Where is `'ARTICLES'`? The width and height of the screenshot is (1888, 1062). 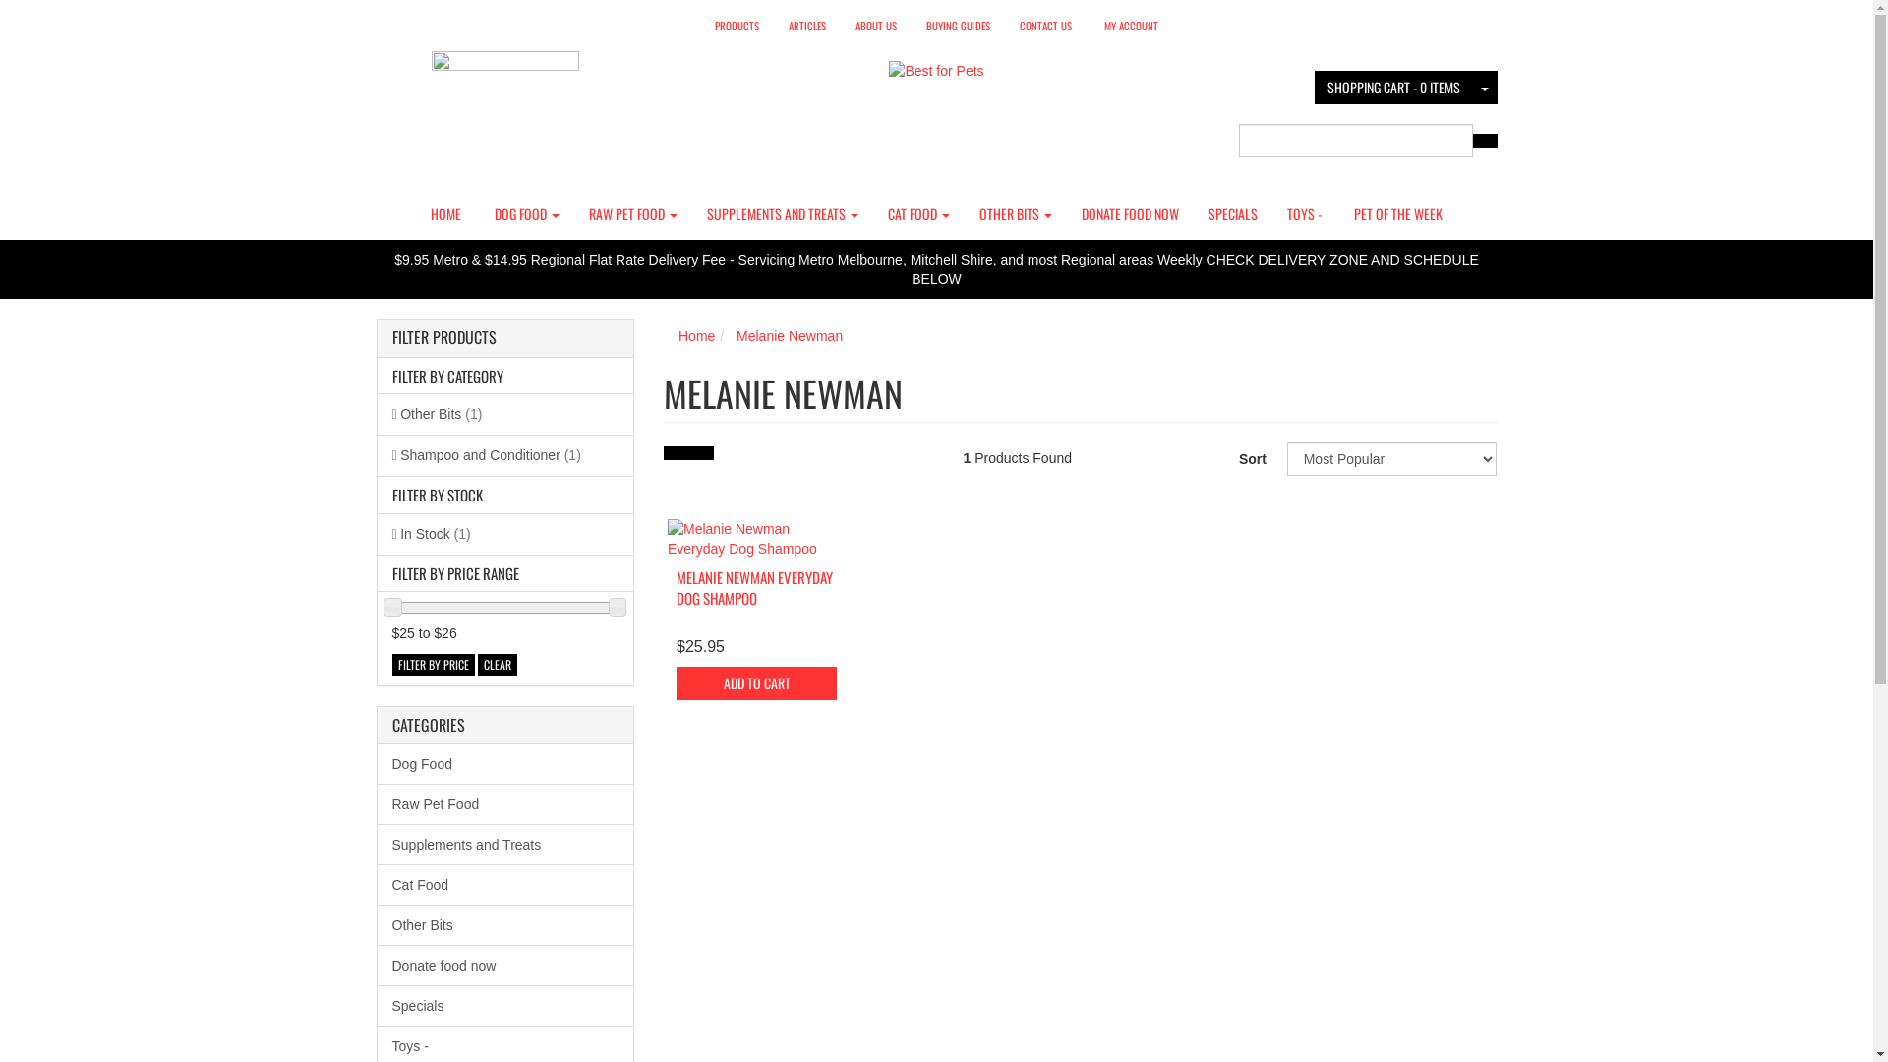
'ARTICLES' is located at coordinates (806, 26).